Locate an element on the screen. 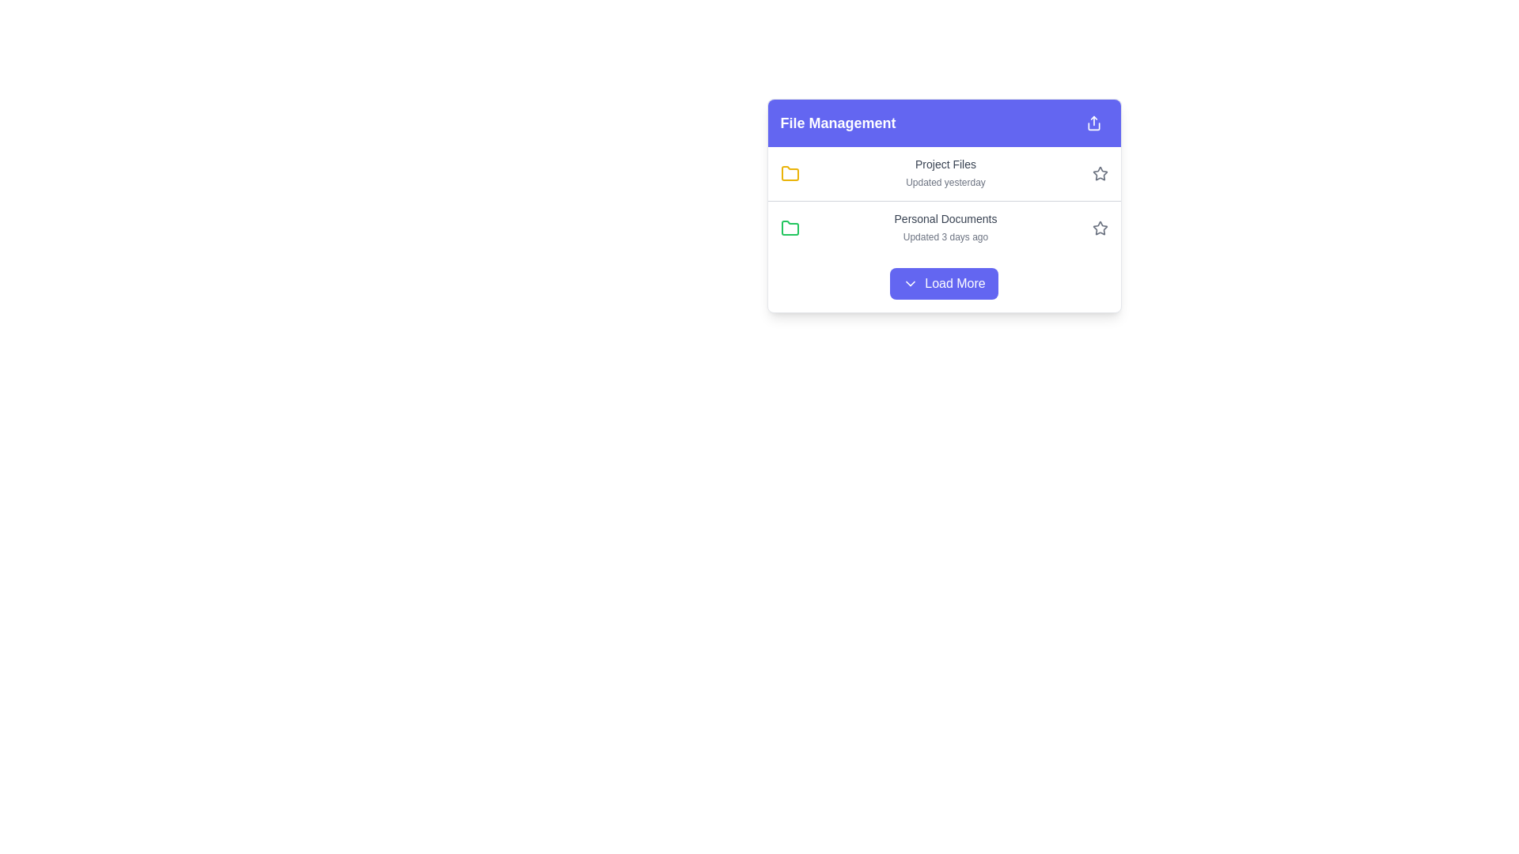  the folder icon located in the 'File Management' section, which is the second icon in the column next to 'Personal Documents' is located at coordinates (790, 228).